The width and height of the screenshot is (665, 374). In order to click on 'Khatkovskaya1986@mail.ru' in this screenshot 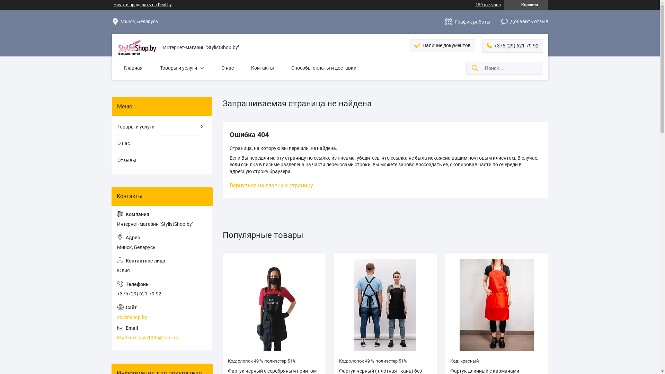, I will do `click(162, 332)`.